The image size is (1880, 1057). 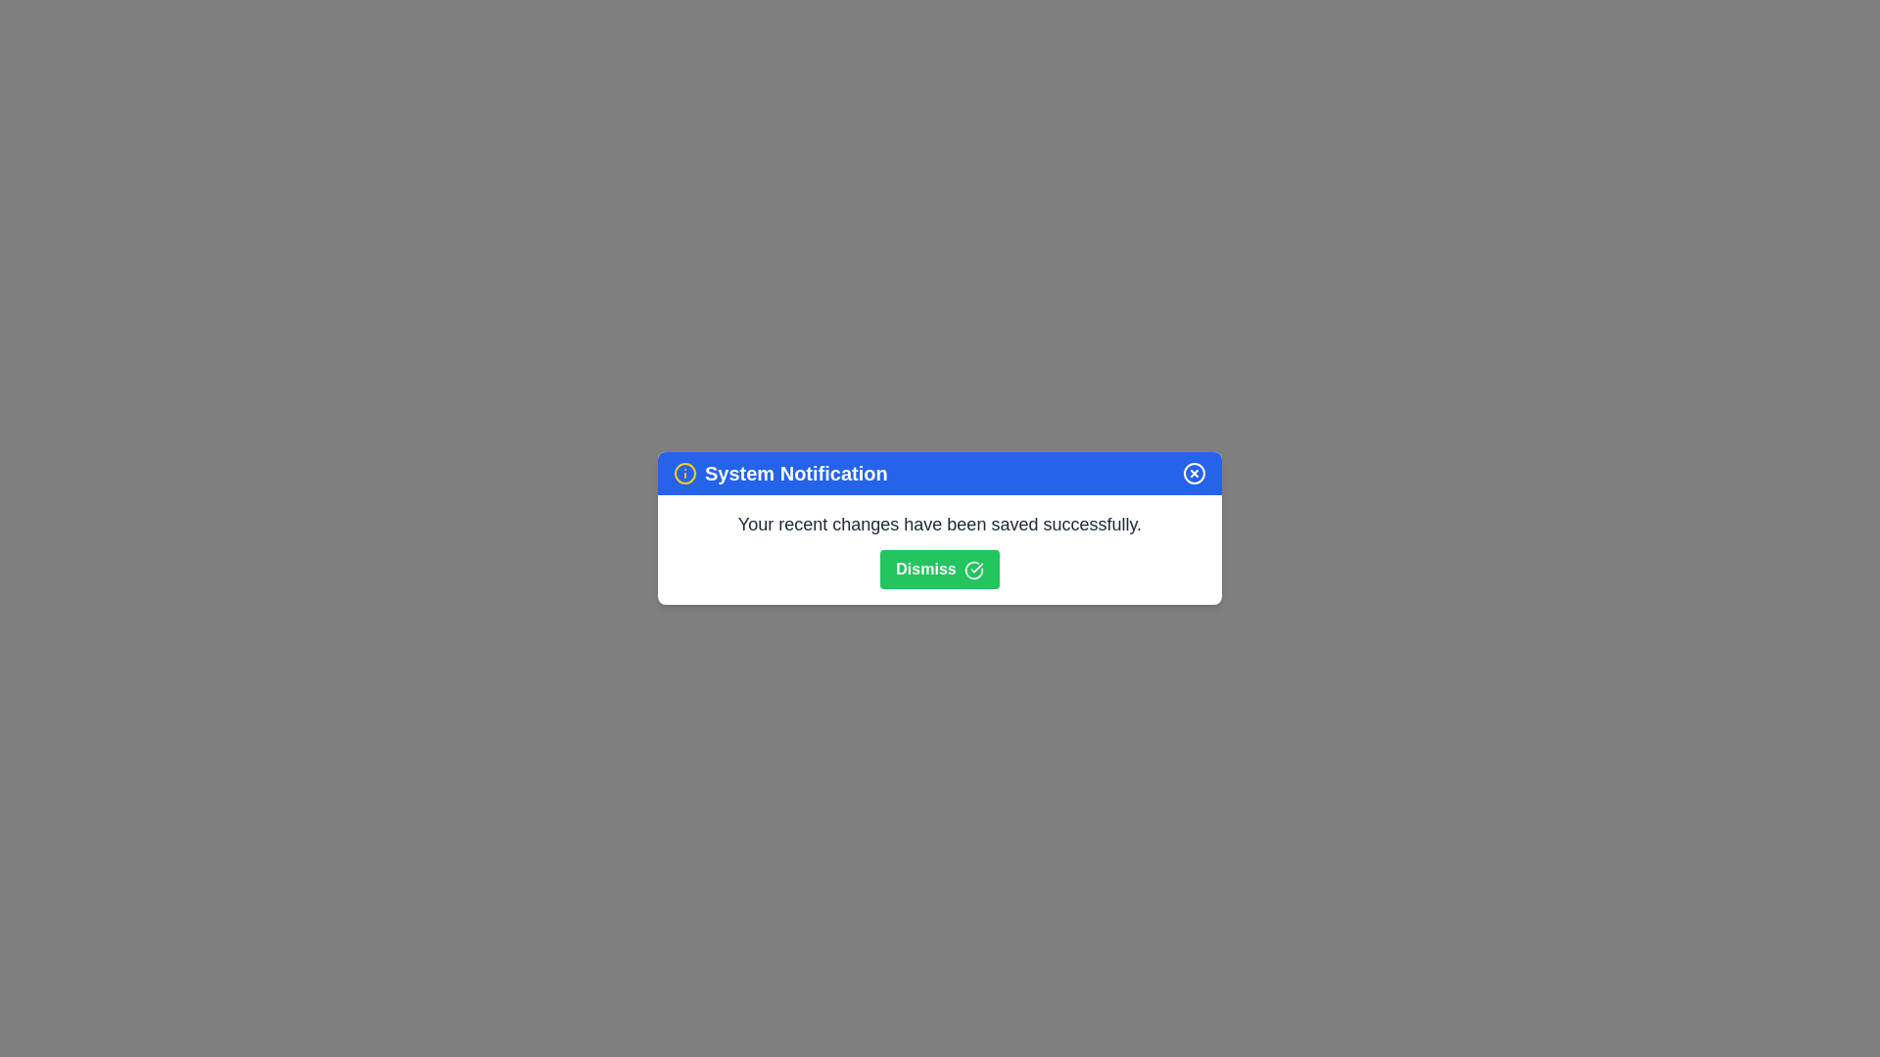 What do you see at coordinates (940, 570) in the screenshot?
I see `the 'Dismiss' button to dismiss the notification` at bounding box center [940, 570].